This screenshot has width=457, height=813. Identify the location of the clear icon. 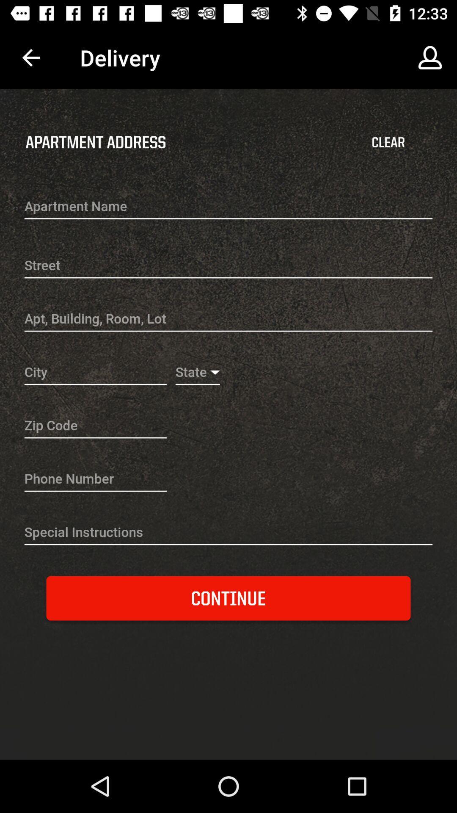
(388, 142).